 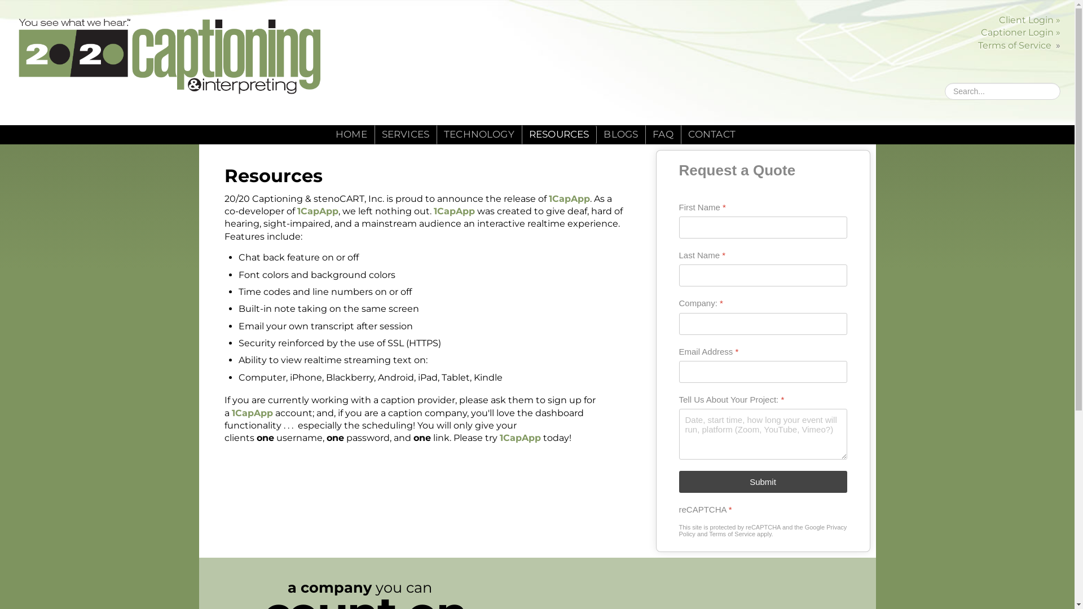 What do you see at coordinates (620, 134) in the screenshot?
I see `'BLOGS'` at bounding box center [620, 134].